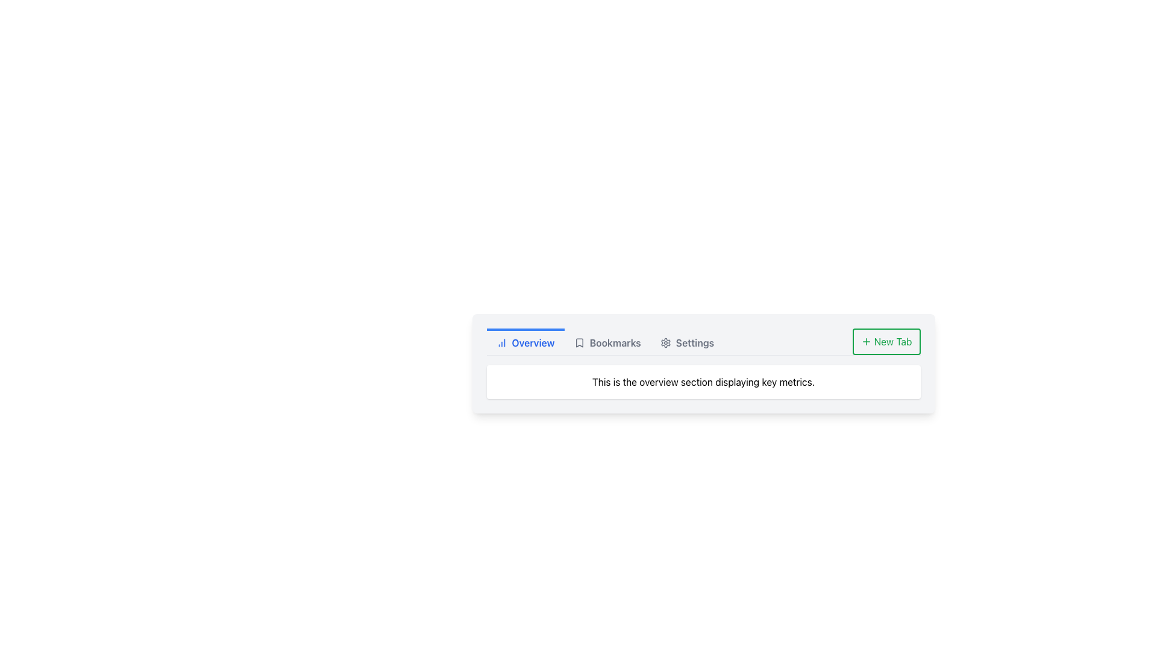  What do you see at coordinates (687, 342) in the screenshot?
I see `the navigation tab button that redirects to the 'Settings' page to potentially reveal a tooltip or highlight effect` at bounding box center [687, 342].